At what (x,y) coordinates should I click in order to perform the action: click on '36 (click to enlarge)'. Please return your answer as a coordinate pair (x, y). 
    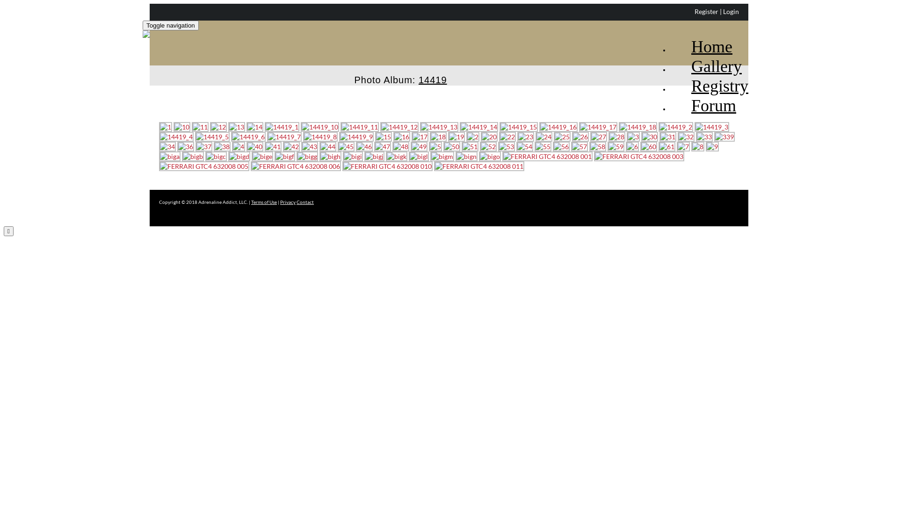
    Looking at the image, I should click on (186, 146).